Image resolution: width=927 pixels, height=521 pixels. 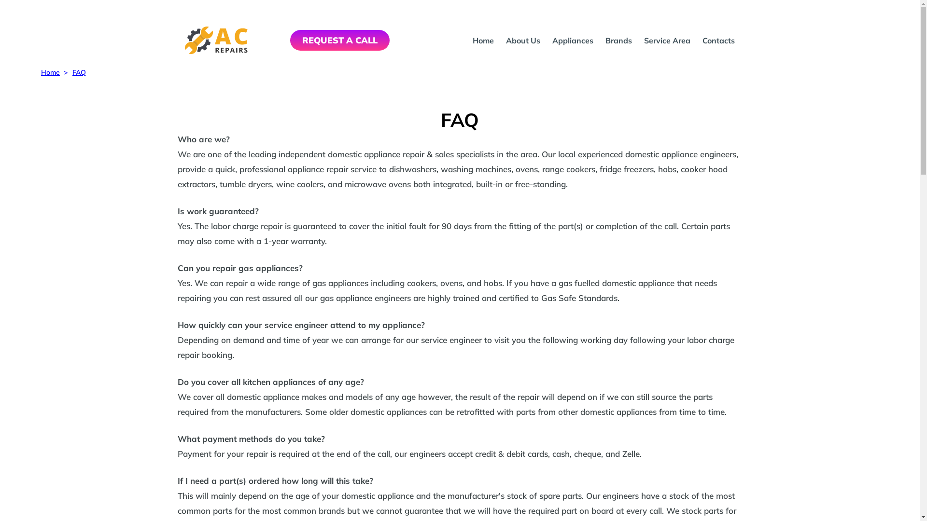 I want to click on 'Home', so click(x=483, y=40).